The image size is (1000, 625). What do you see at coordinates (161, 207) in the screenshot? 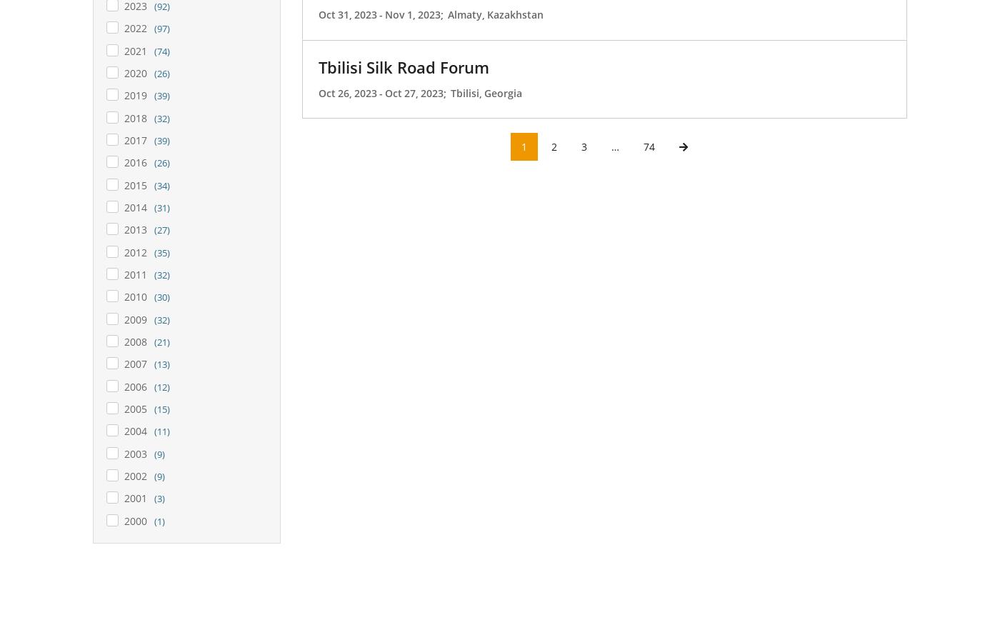
I see `'(31)'` at bounding box center [161, 207].